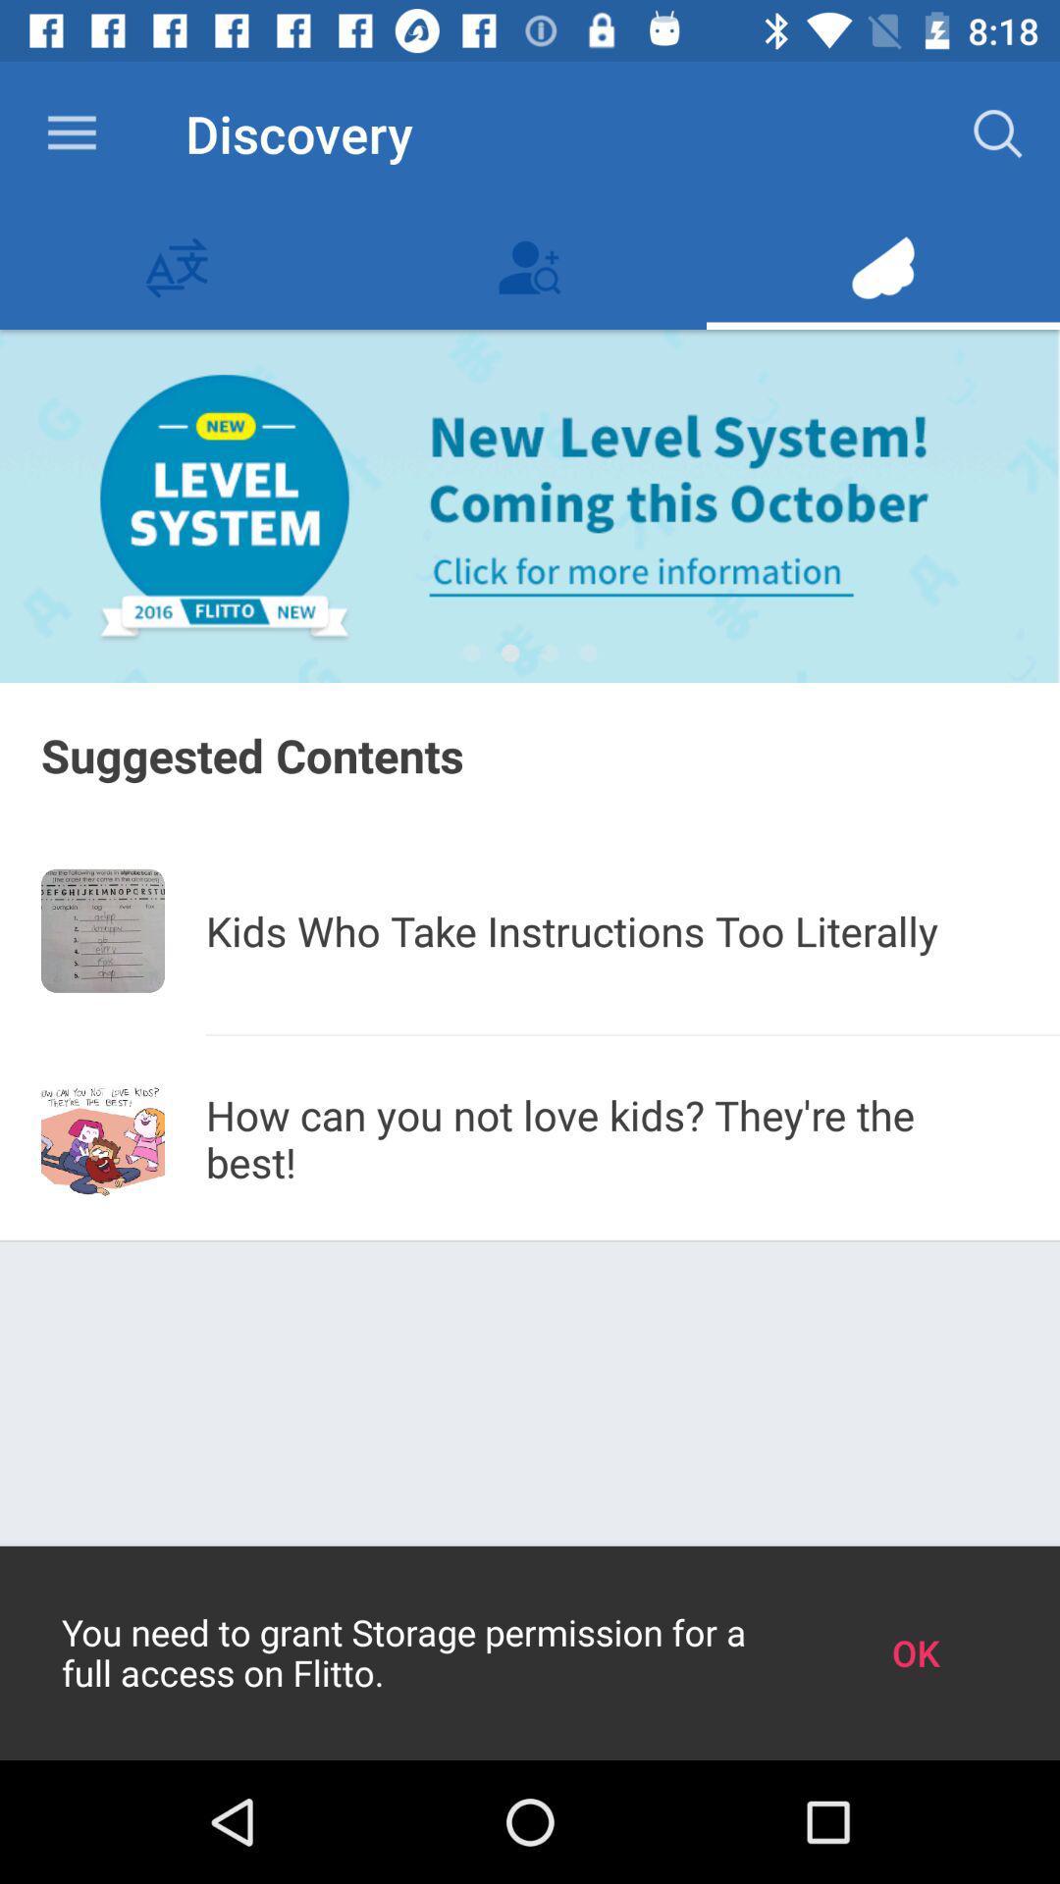 The width and height of the screenshot is (1060, 1884). I want to click on icon above the suggested contents item, so click(549, 653).